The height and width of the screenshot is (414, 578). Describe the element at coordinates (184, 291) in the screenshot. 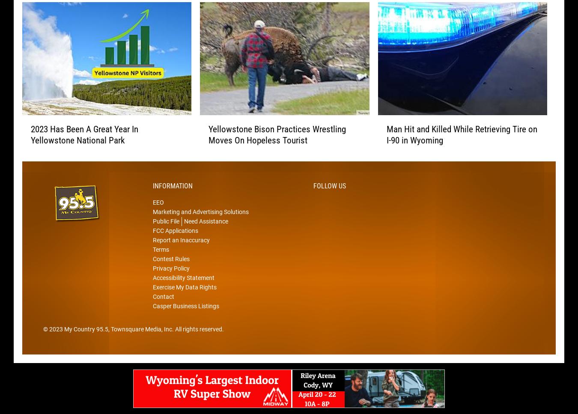

I see `'Accessibility Statement'` at that location.